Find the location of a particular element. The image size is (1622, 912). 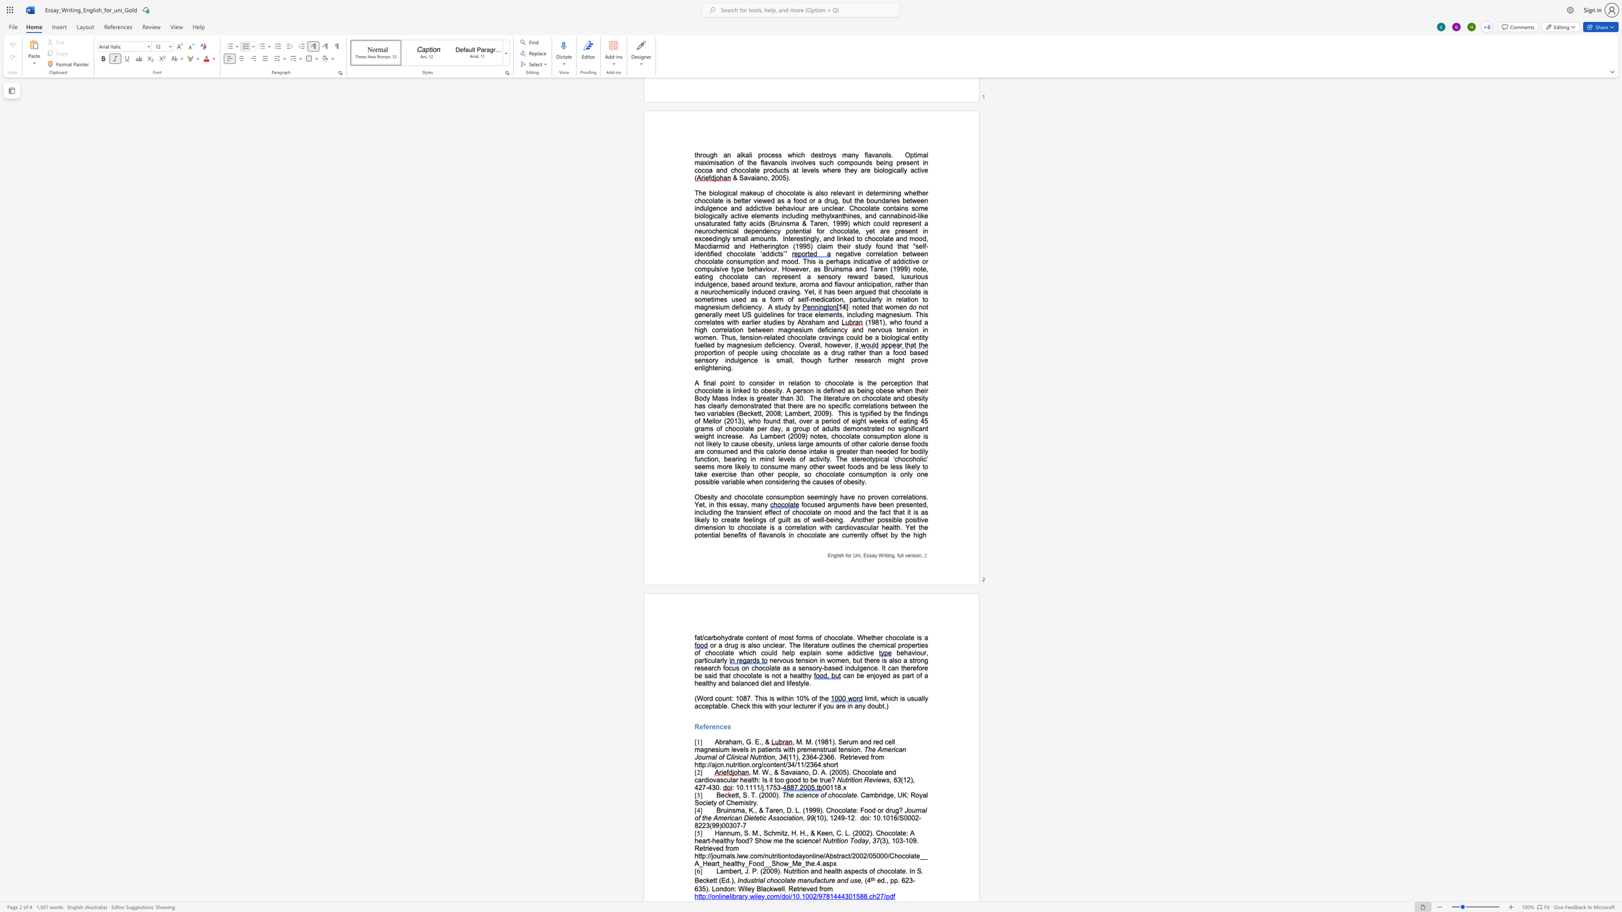

the space between the continuous character "e" and "r" in the text is located at coordinates (709, 726).